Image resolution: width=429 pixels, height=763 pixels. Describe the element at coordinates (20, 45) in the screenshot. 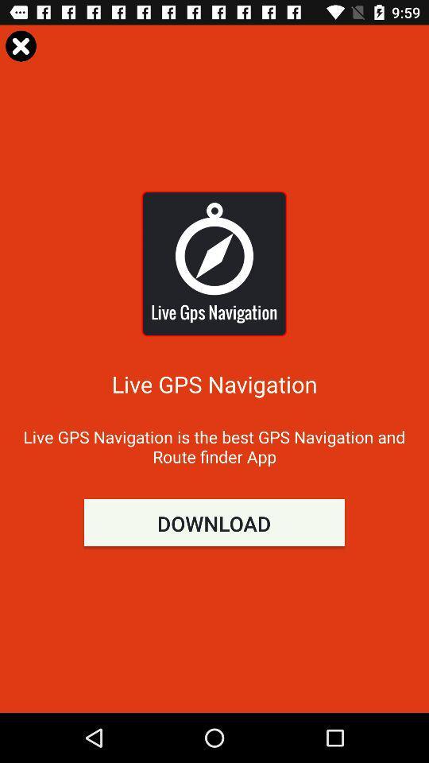

I see `the close icon` at that location.